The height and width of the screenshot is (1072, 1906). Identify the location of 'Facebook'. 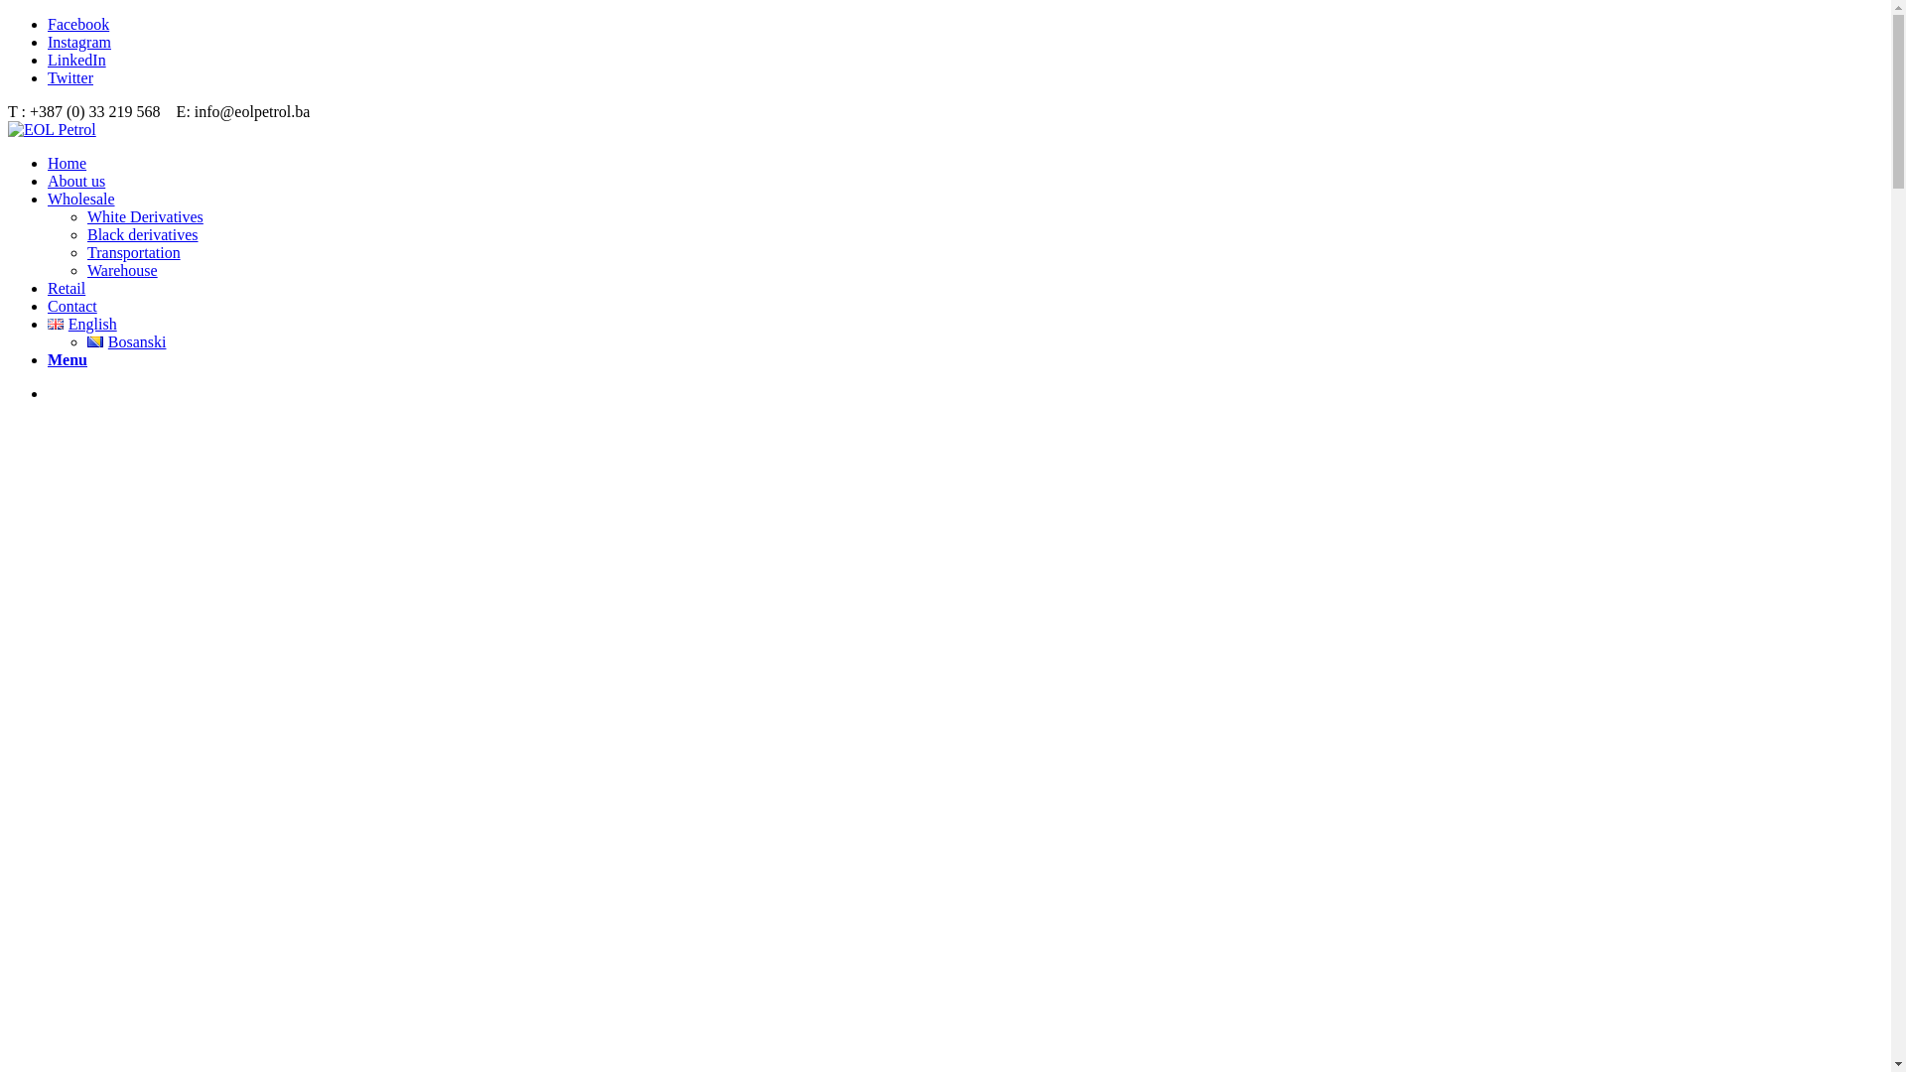
(77, 24).